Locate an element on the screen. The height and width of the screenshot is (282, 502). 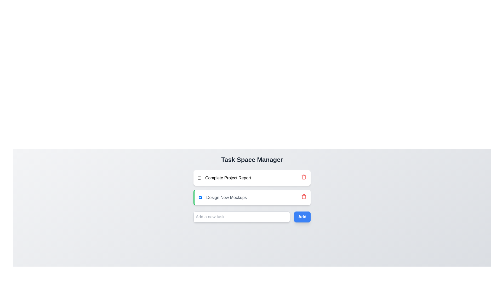
the text label displaying 'Design New Mockups' with a strikethrough style, indicating it represents a completed task in the 'Task Space Manager' is located at coordinates (226, 197).